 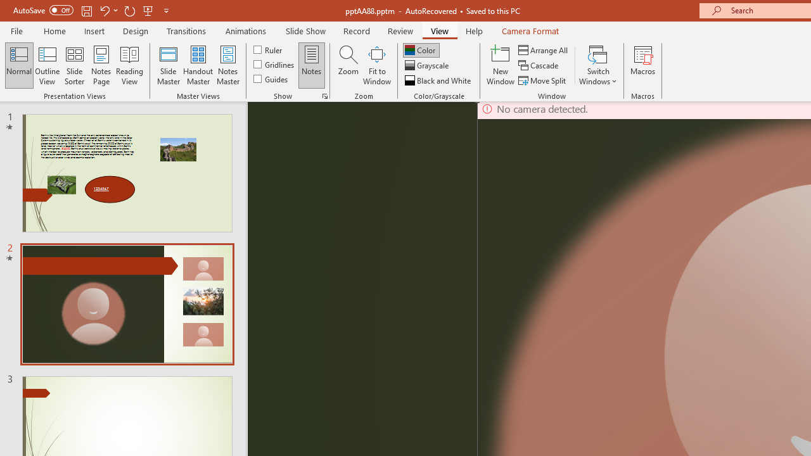 What do you see at coordinates (101, 65) in the screenshot?
I see `'Notes Page'` at bounding box center [101, 65].